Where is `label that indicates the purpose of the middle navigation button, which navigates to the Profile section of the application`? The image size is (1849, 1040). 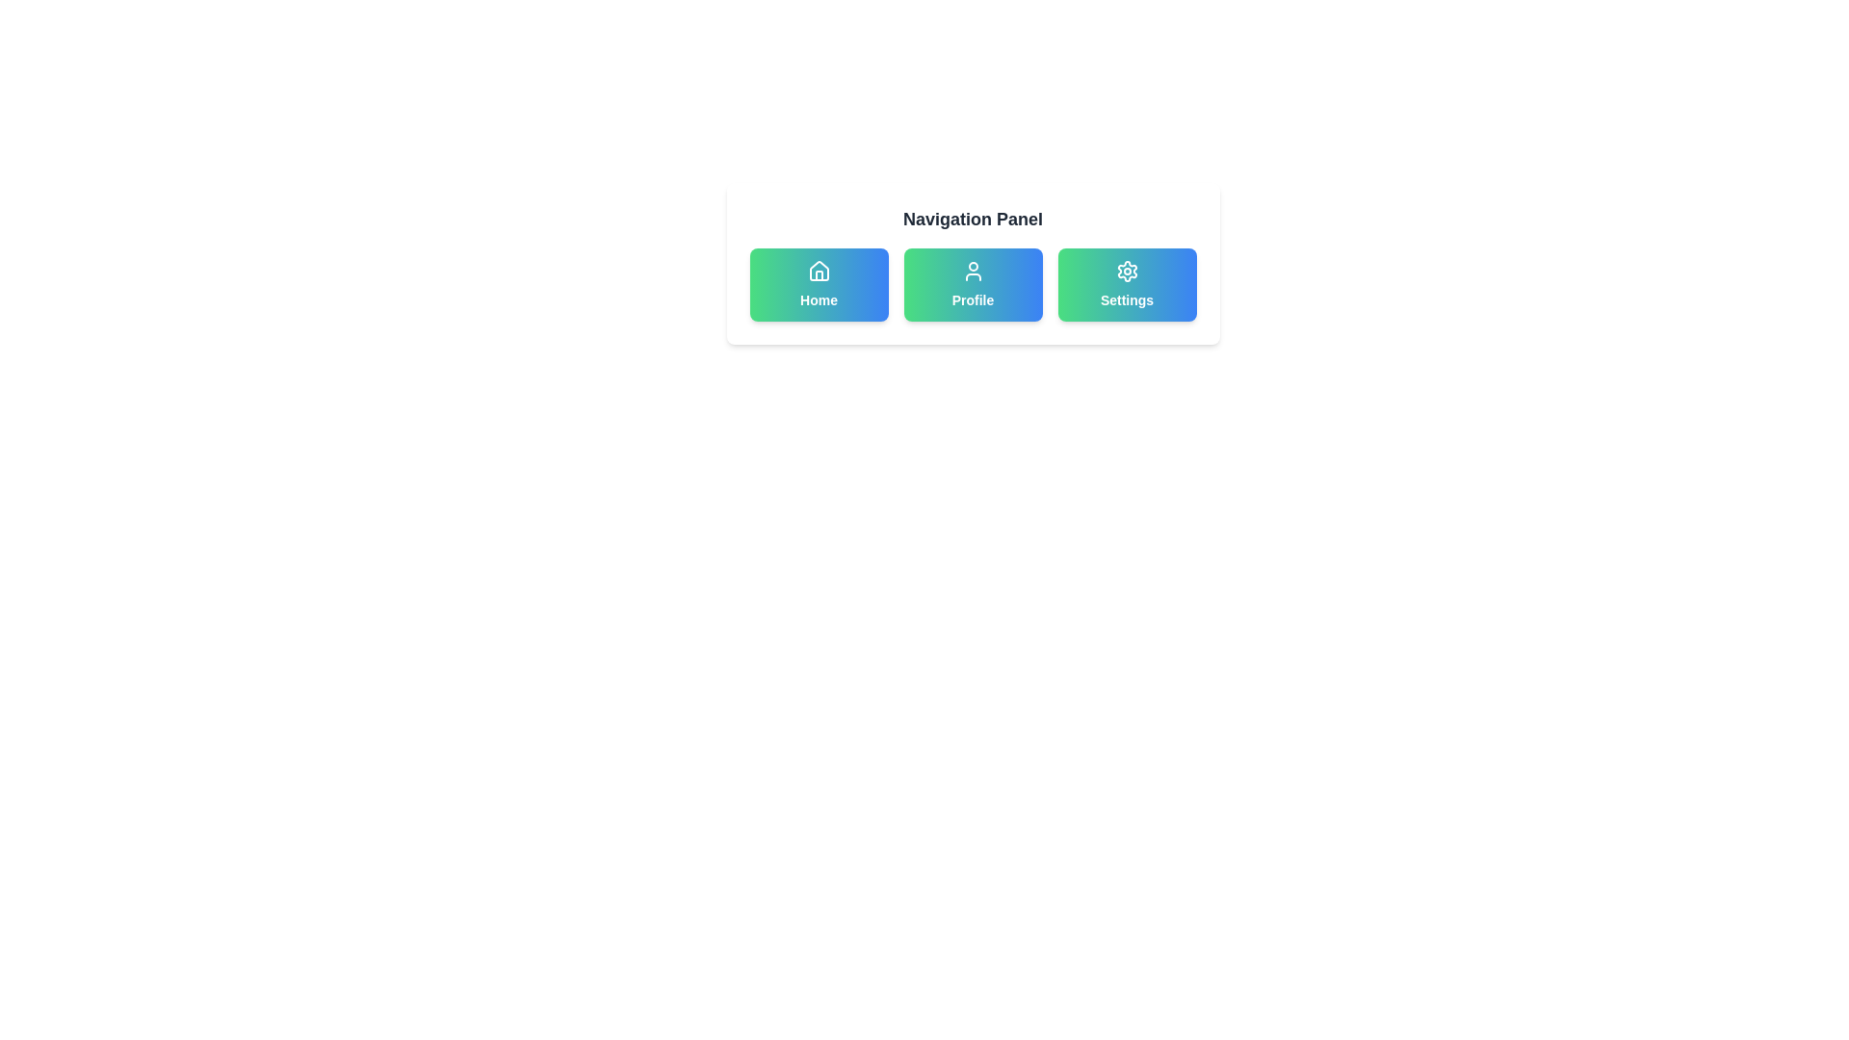
label that indicates the purpose of the middle navigation button, which navigates to the Profile section of the application is located at coordinates (973, 300).